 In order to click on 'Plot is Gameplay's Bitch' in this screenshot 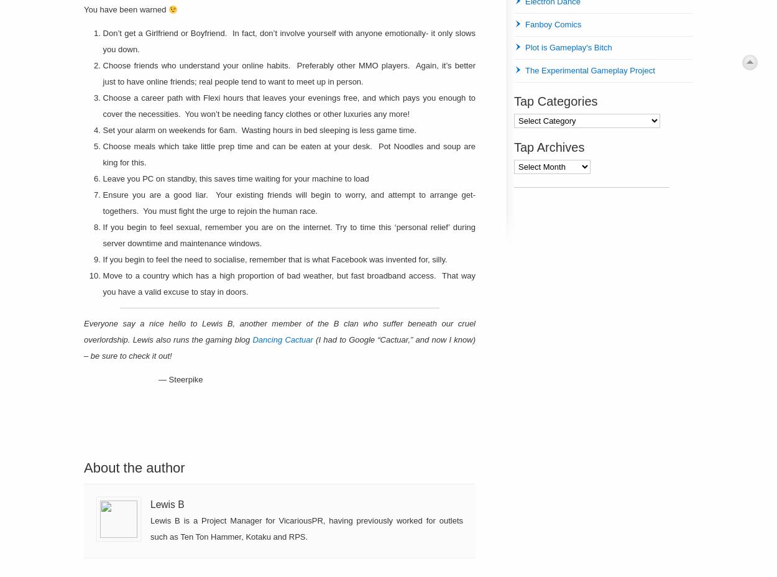, I will do `click(568, 46)`.